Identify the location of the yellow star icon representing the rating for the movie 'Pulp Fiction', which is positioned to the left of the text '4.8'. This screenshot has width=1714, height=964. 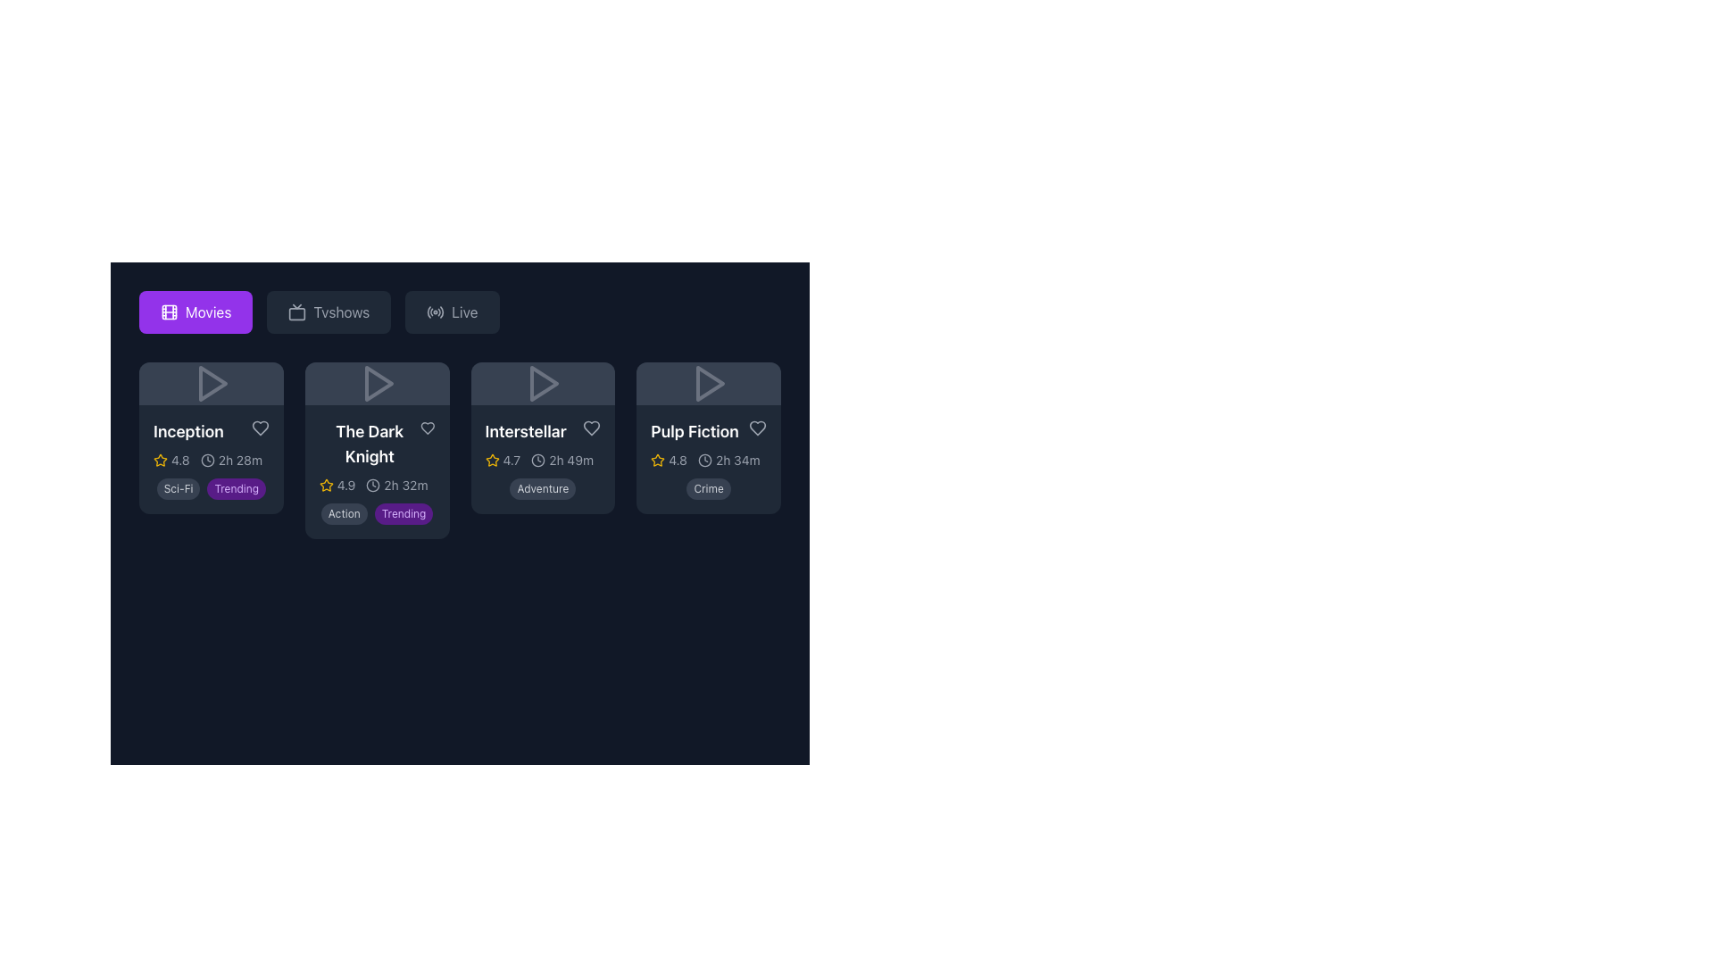
(657, 460).